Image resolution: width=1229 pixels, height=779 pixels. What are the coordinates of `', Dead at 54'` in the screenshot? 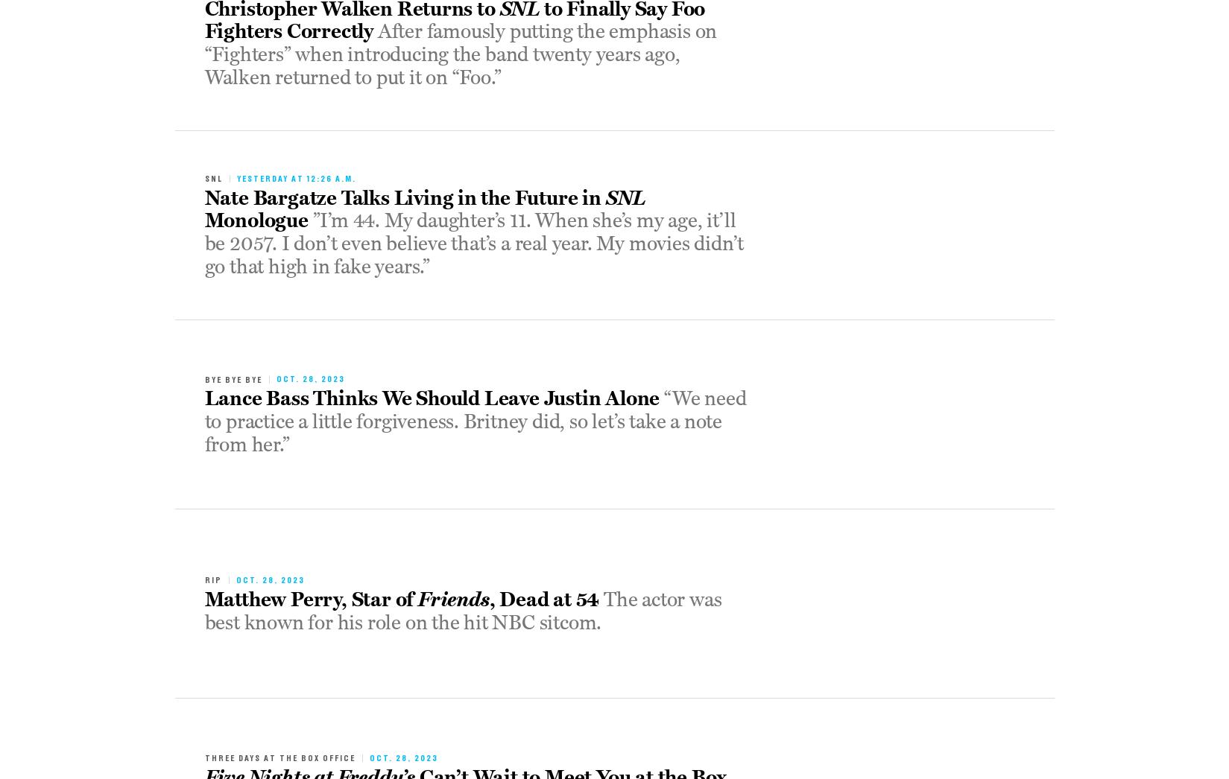 It's located at (488, 599).